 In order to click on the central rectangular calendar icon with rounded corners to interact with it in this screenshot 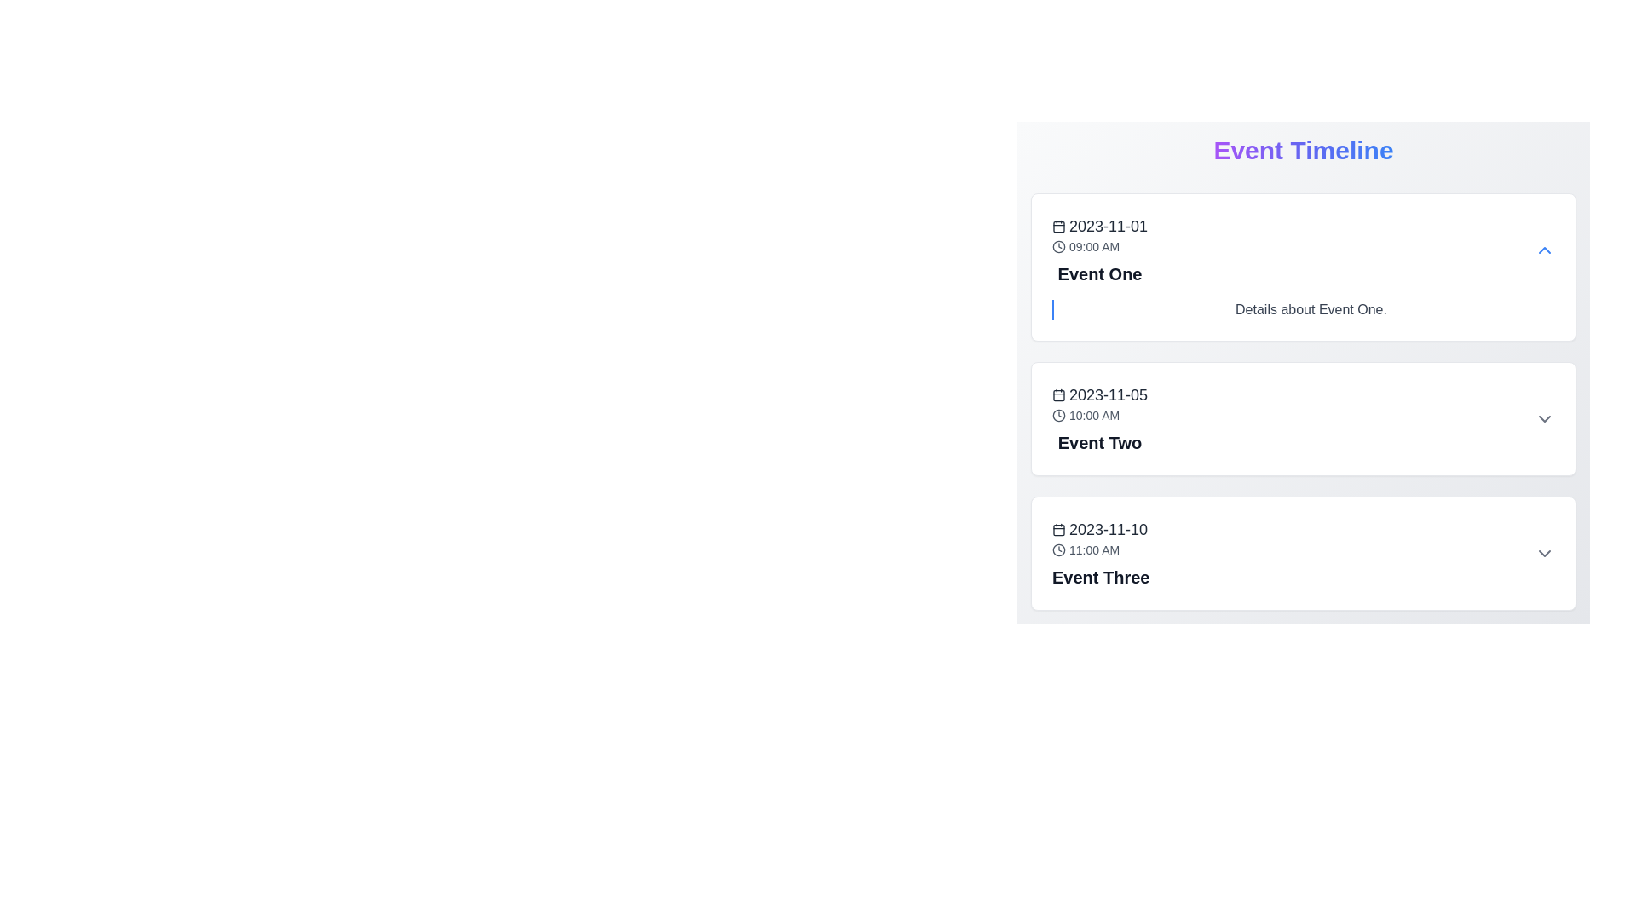, I will do `click(1058, 394)`.